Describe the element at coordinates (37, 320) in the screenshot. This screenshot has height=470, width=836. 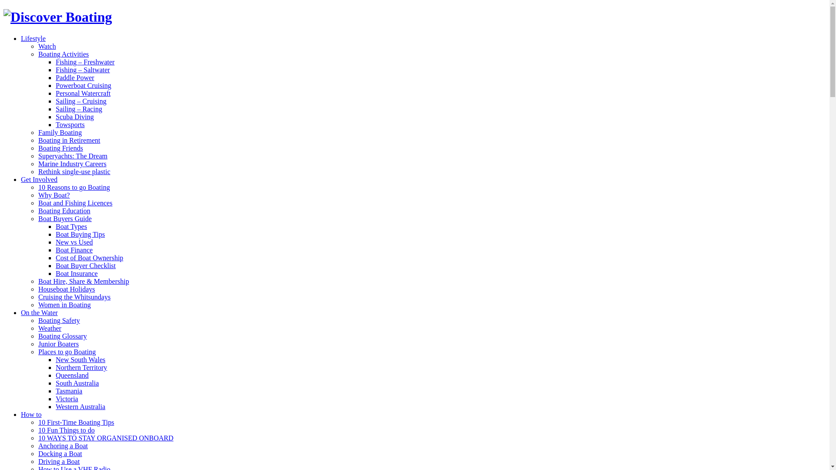
I see `'Boating Safety'` at that location.